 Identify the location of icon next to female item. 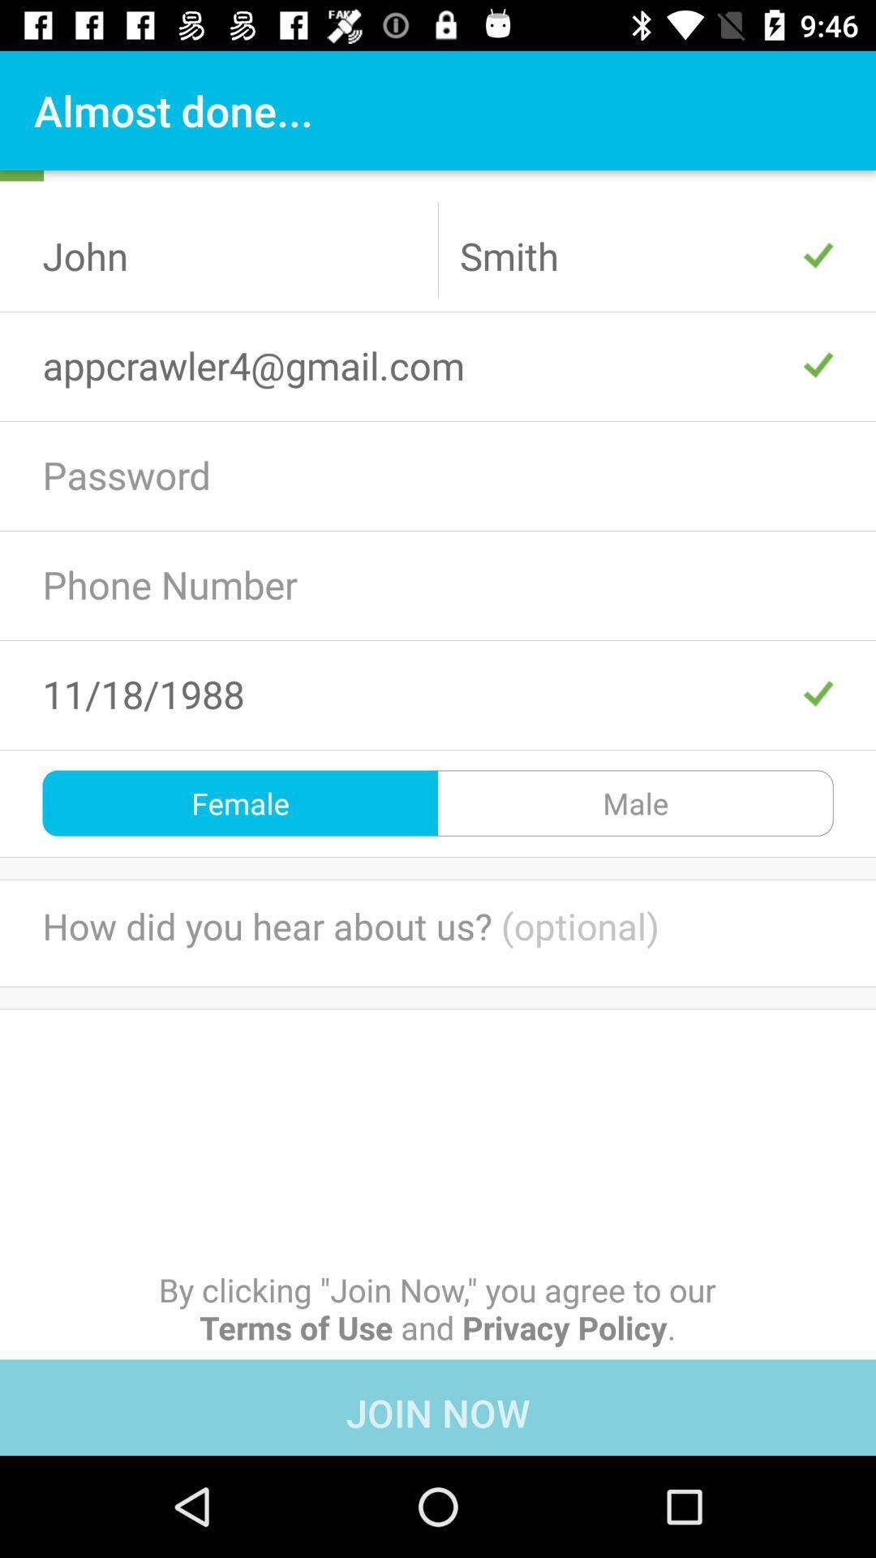
(634, 803).